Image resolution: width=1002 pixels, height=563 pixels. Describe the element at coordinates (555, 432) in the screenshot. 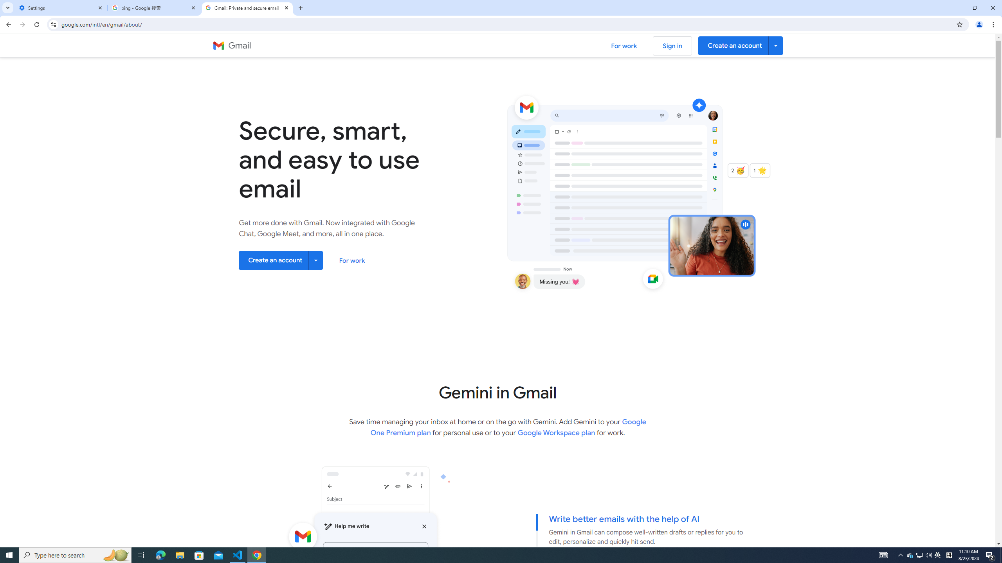

I see `'Google Workspace plan'` at that location.